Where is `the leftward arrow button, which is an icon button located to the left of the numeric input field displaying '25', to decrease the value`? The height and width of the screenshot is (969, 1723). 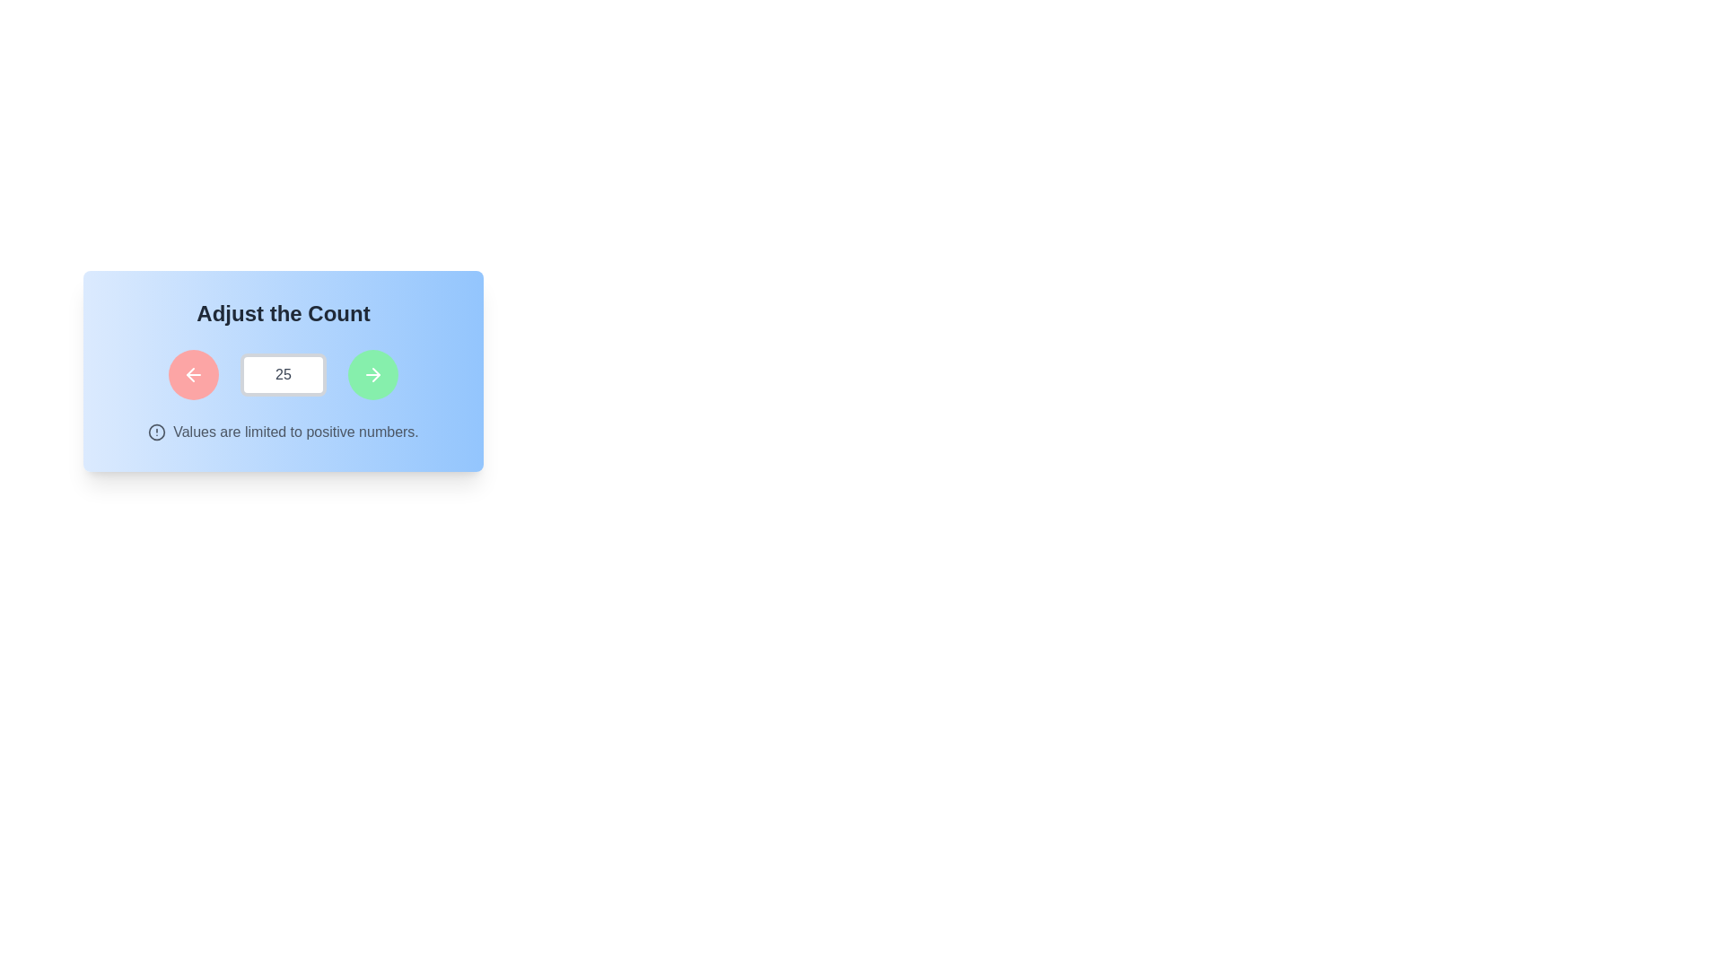 the leftward arrow button, which is an icon button located to the left of the numeric input field displaying '25', to decrease the value is located at coordinates (190, 373).